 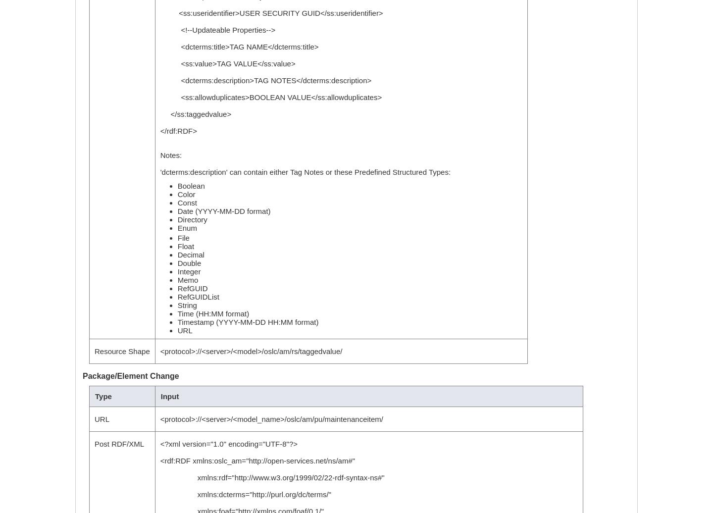 What do you see at coordinates (103, 396) in the screenshot?
I see `'Type'` at bounding box center [103, 396].